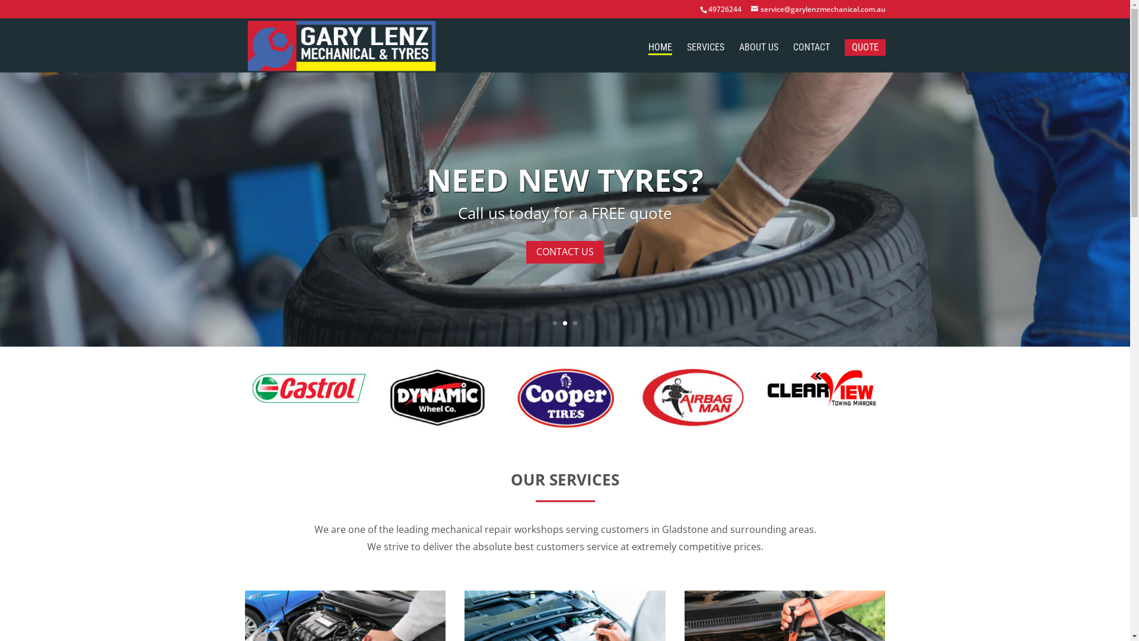 Image resolution: width=1139 pixels, height=641 pixels. I want to click on 'CONTACT', so click(810, 58).